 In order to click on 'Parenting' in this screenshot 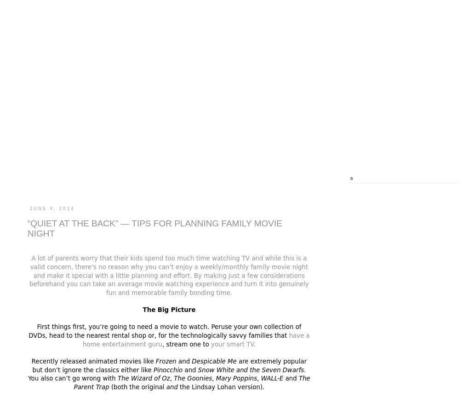, I will do `click(146, 179)`.